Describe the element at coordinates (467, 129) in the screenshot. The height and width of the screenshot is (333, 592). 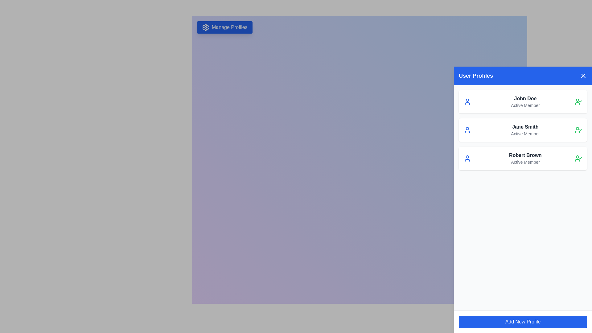
I see `the user silhouette icon on the profile card for 'Jane Smith, Active Member', which is the second card in the user list` at that location.